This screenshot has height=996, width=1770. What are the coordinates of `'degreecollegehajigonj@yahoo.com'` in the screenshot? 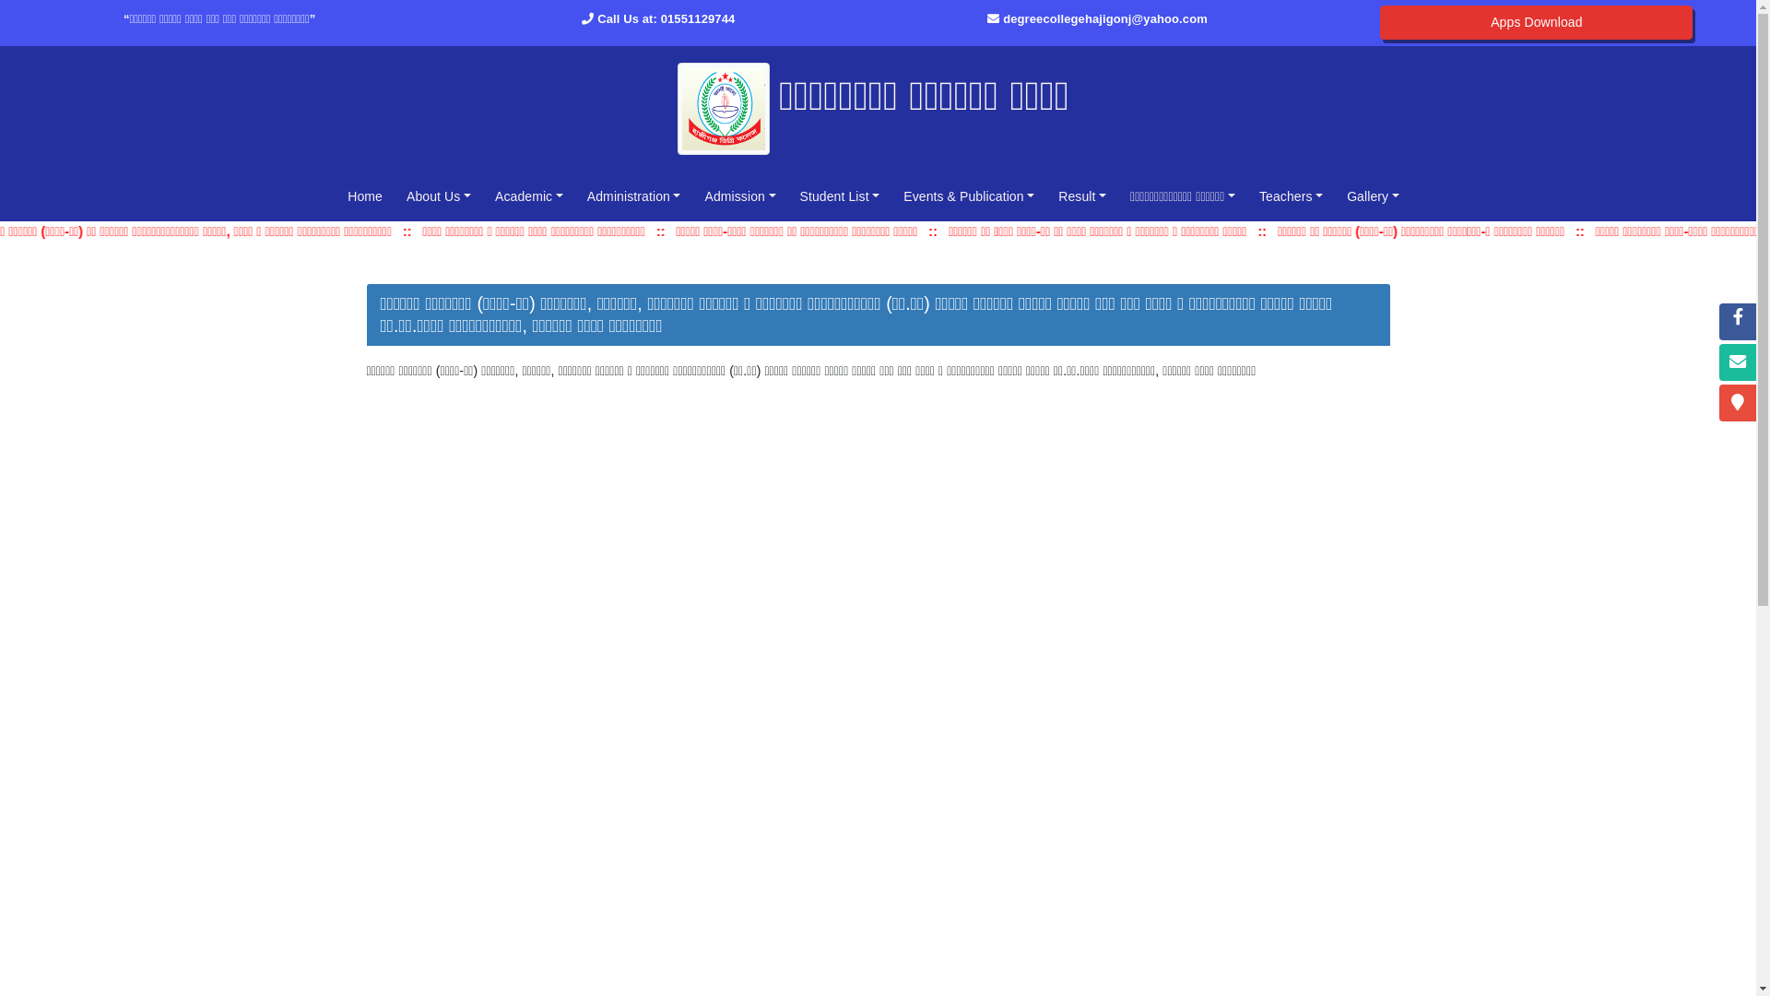 It's located at (1105, 18).